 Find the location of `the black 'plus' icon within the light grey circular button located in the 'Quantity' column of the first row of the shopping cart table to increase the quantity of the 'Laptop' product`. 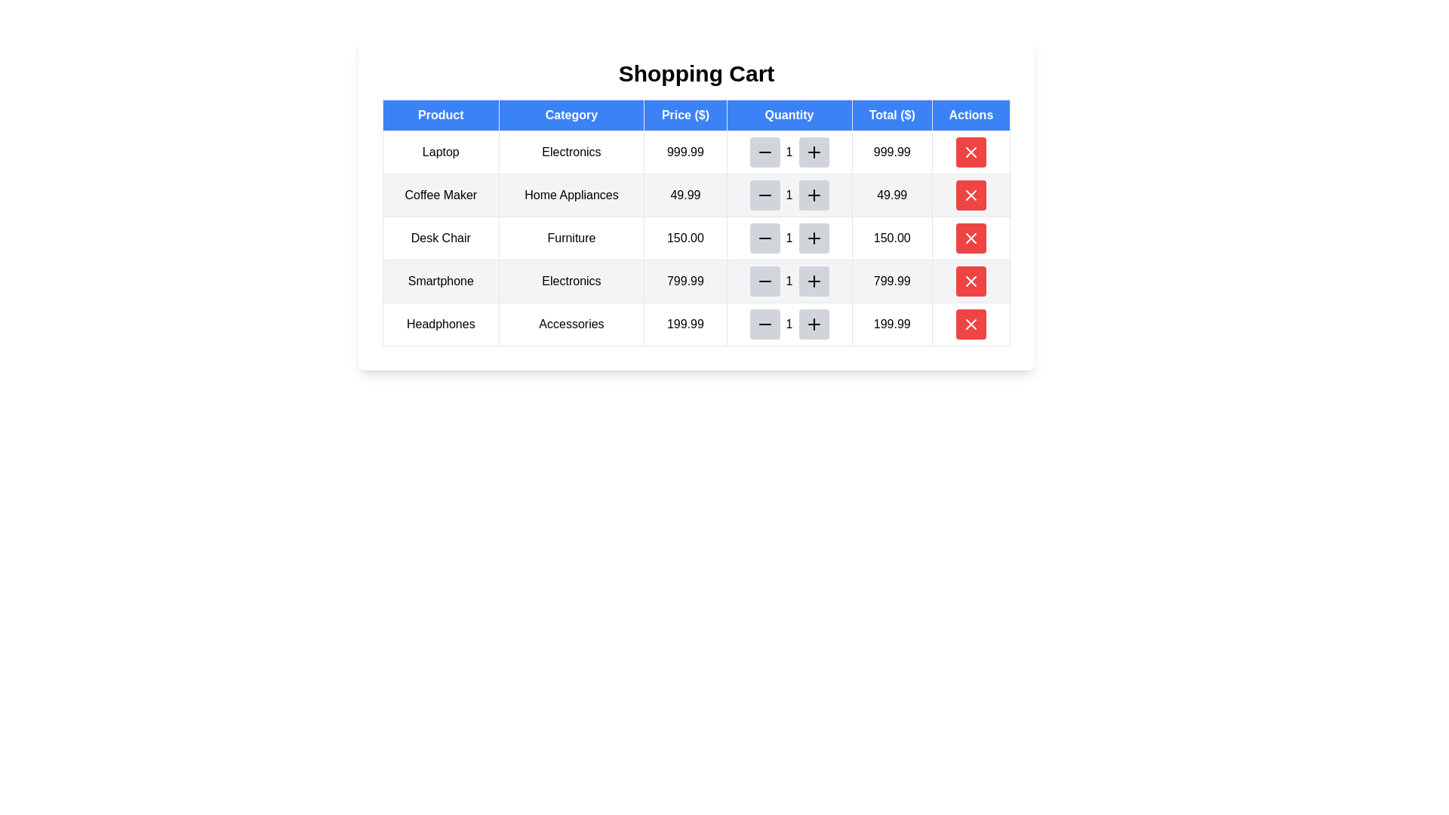

the black 'plus' icon within the light grey circular button located in the 'Quantity' column of the first row of the shopping cart table to increase the quantity of the 'Laptop' product is located at coordinates (813, 152).